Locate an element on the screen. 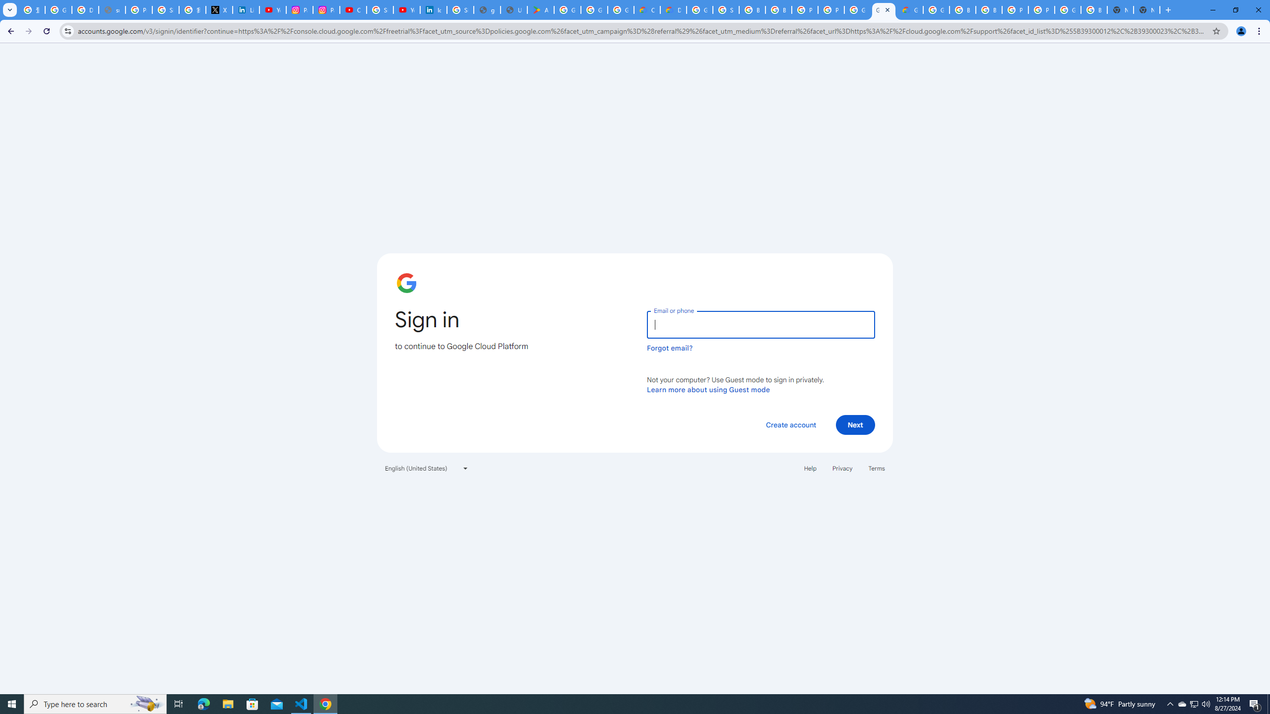 Image resolution: width=1270 pixels, height=714 pixels. 'Android Apps on Google Play' is located at coordinates (540, 9).